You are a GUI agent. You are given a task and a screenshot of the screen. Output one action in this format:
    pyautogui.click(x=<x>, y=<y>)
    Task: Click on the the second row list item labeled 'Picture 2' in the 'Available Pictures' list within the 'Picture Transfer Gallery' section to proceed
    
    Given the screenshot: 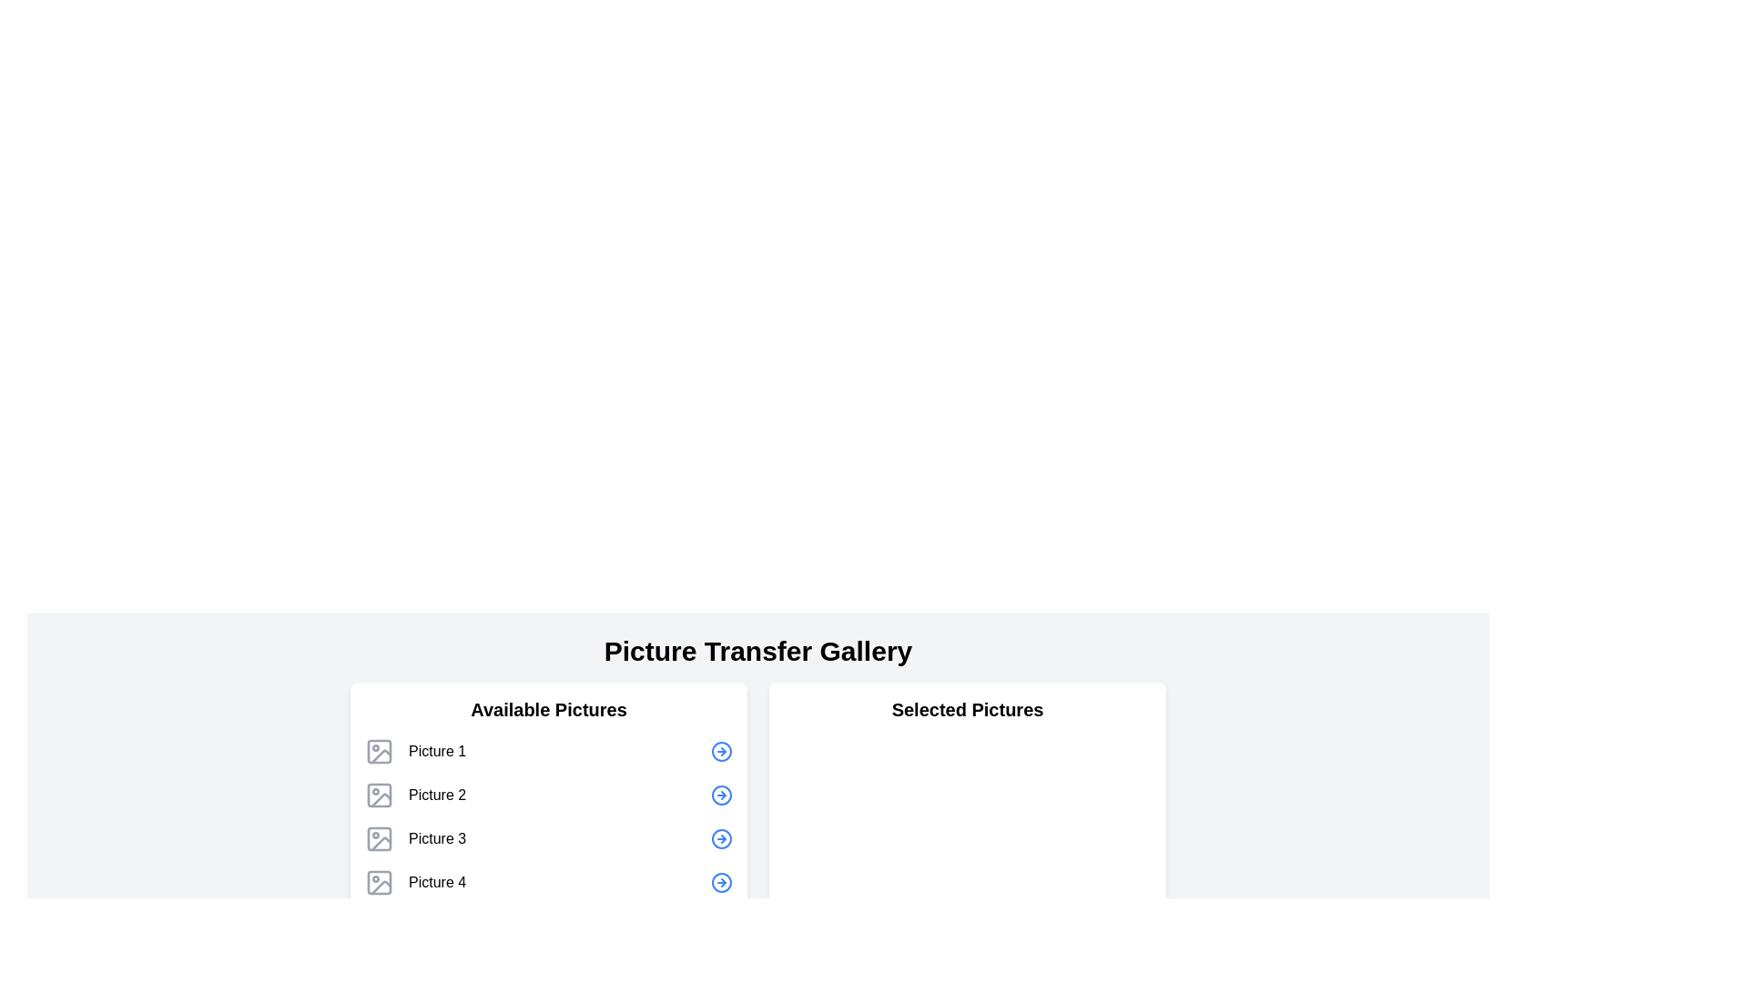 What is the action you would take?
    pyautogui.click(x=548, y=795)
    